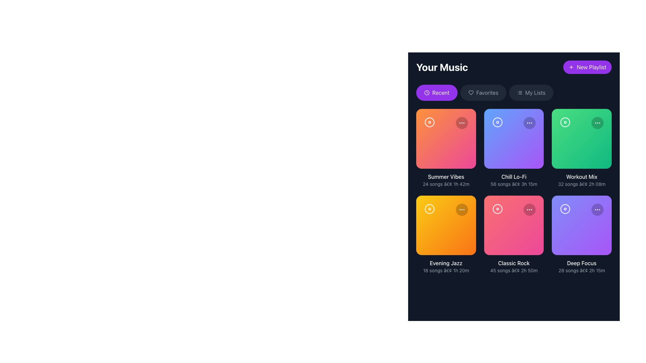  Describe the element at coordinates (446, 179) in the screenshot. I see `the text label displaying the playlist name and details located at the bottom of the first card in the 'Your Music' section with a gradient orange-to-pink background` at that location.